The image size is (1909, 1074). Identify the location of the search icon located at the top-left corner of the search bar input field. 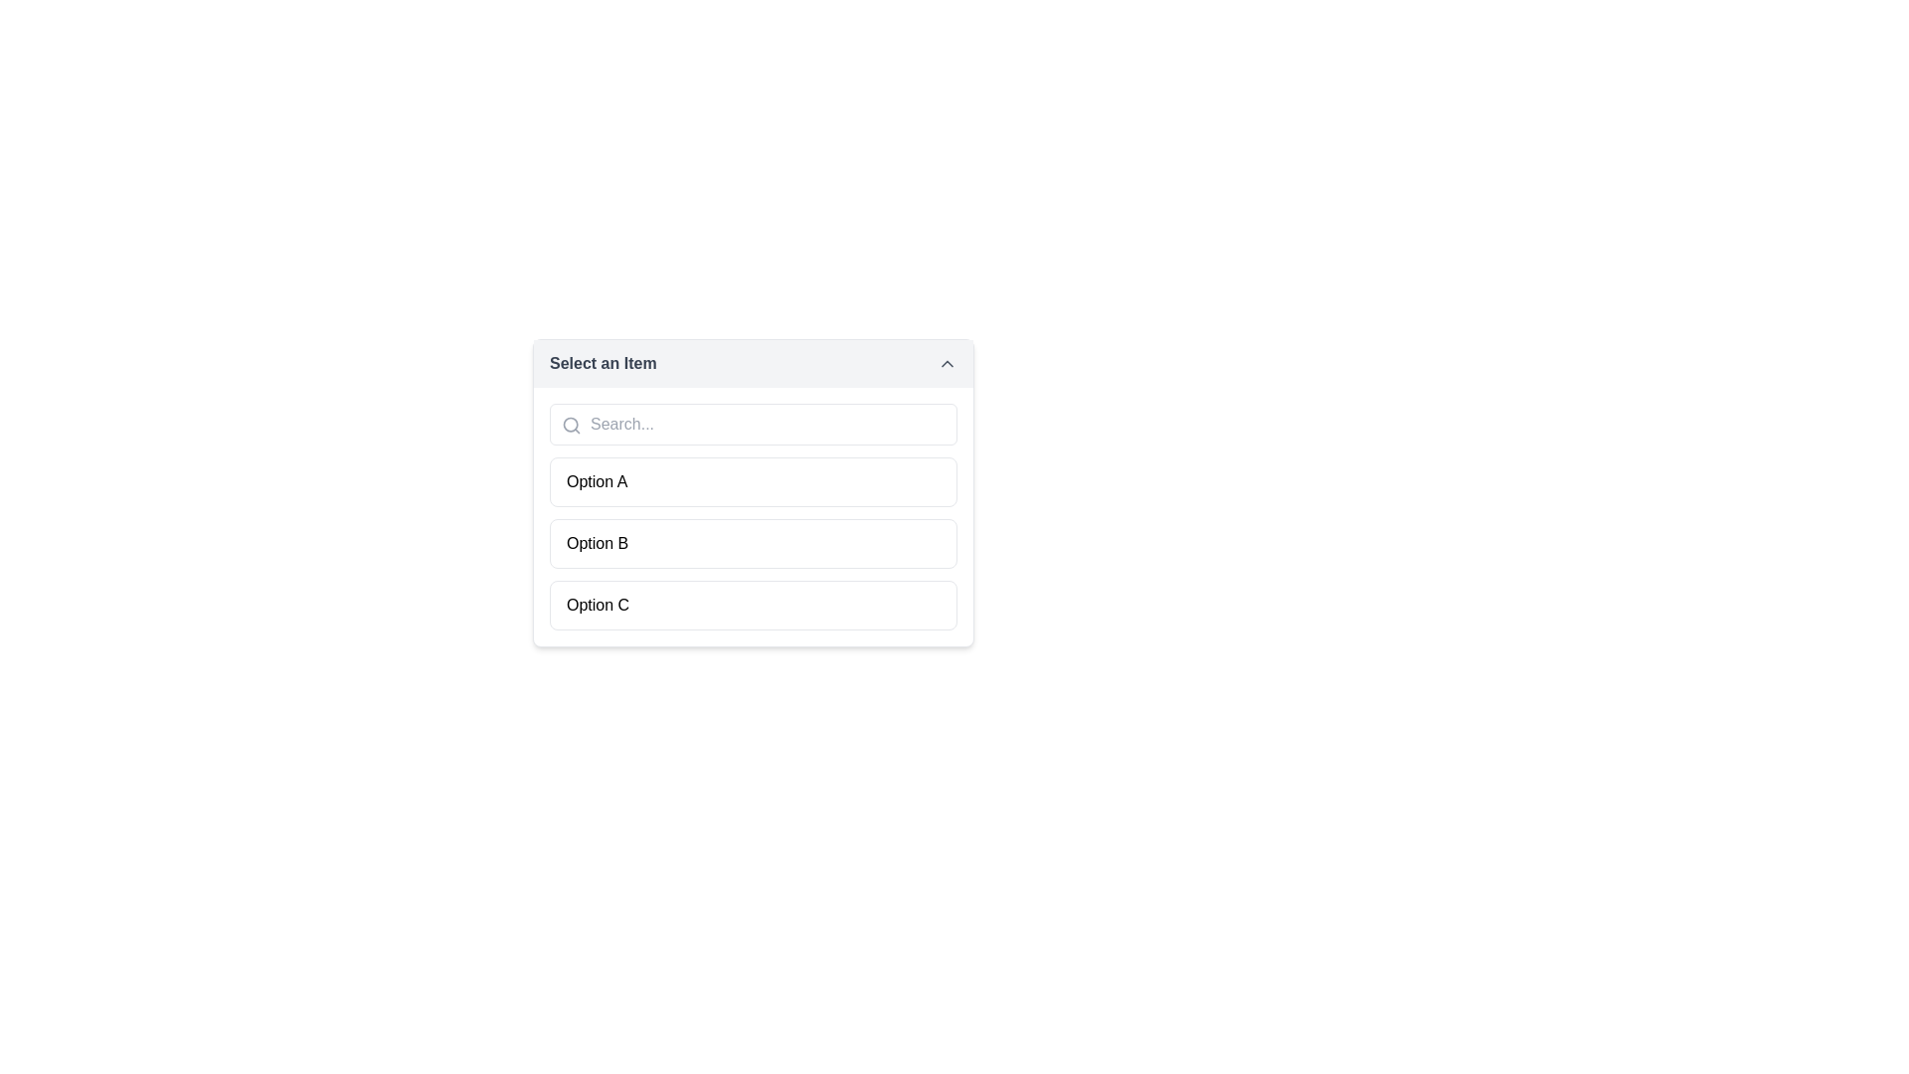
(571, 425).